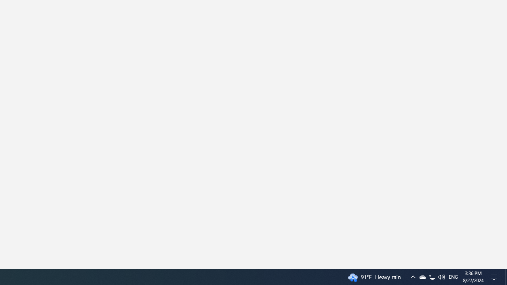 This screenshot has width=507, height=285. What do you see at coordinates (431, 276) in the screenshot?
I see `'Tray Input Indicator - English (United States)'` at bounding box center [431, 276].